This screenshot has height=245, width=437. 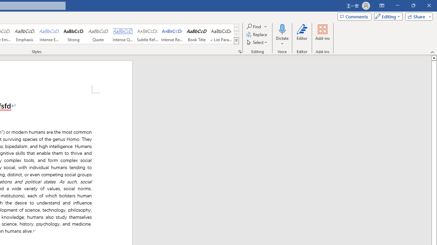 I want to click on 'Intense Emphasis', so click(x=49, y=34).